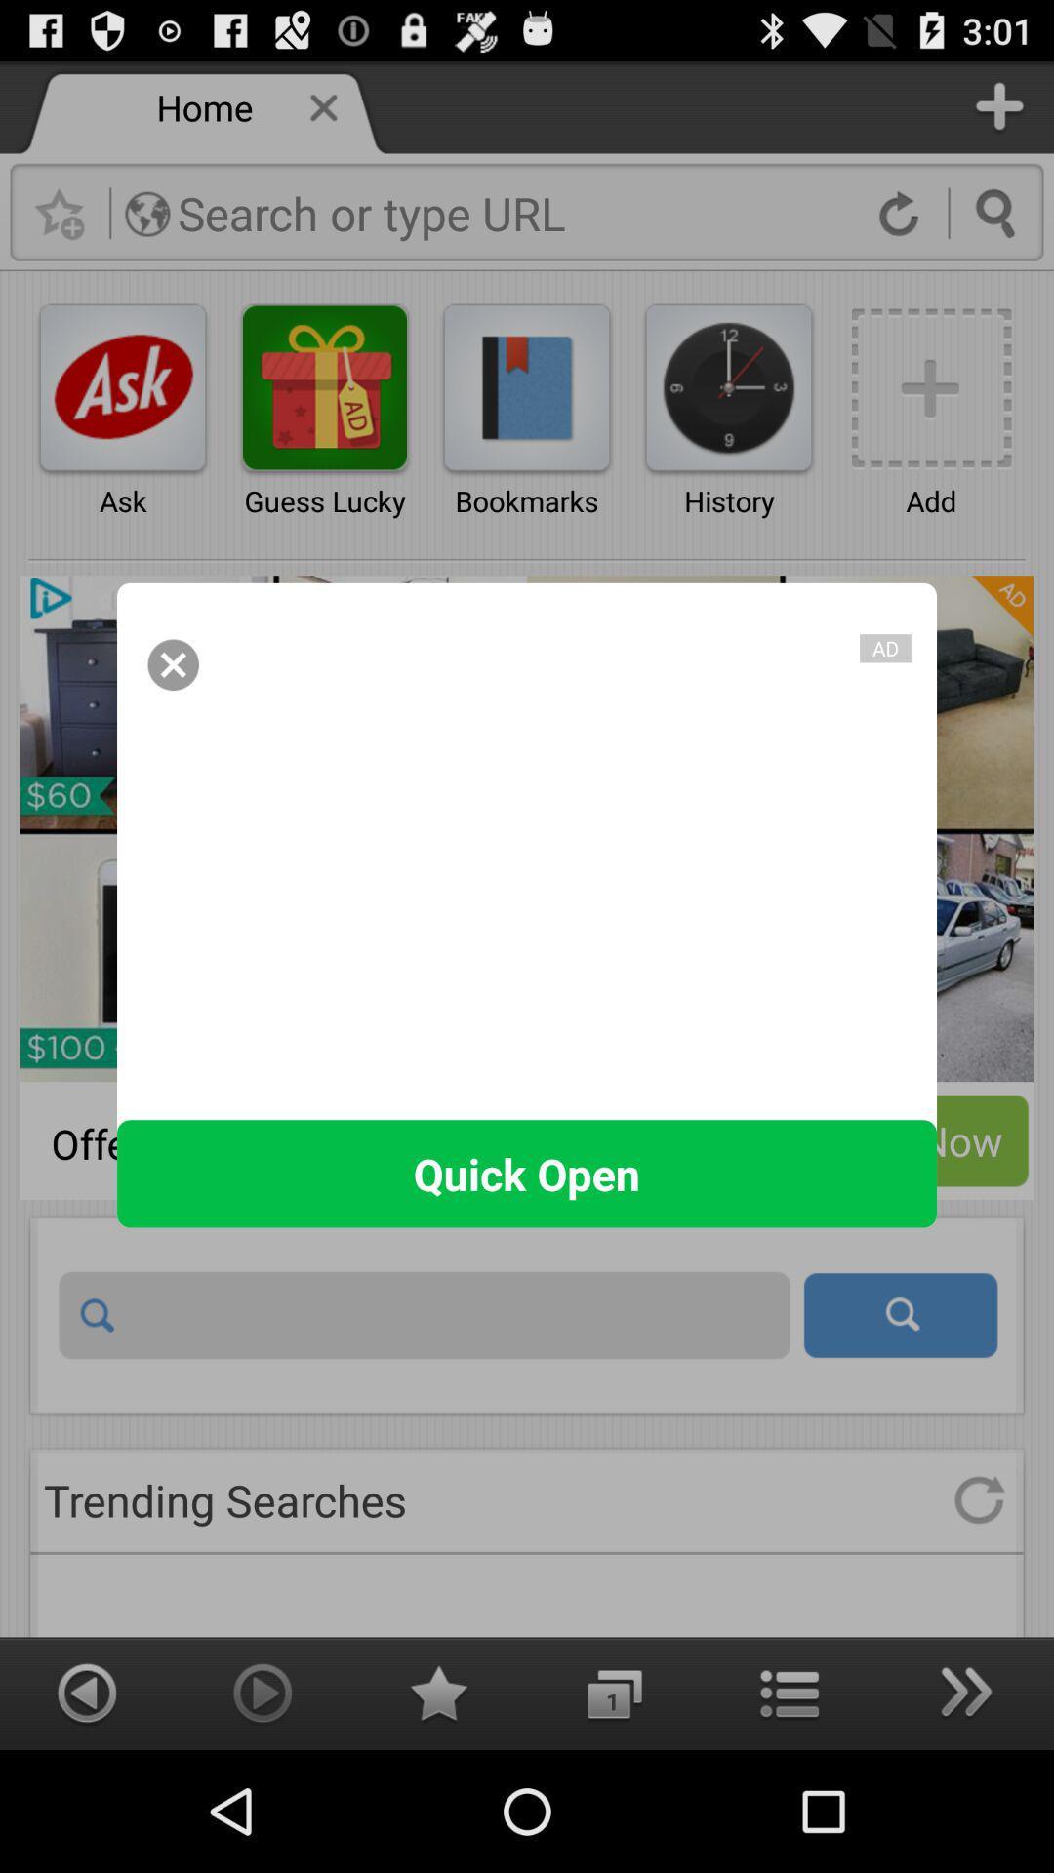 This screenshot has width=1054, height=1873. I want to click on the close icon, so click(172, 710).